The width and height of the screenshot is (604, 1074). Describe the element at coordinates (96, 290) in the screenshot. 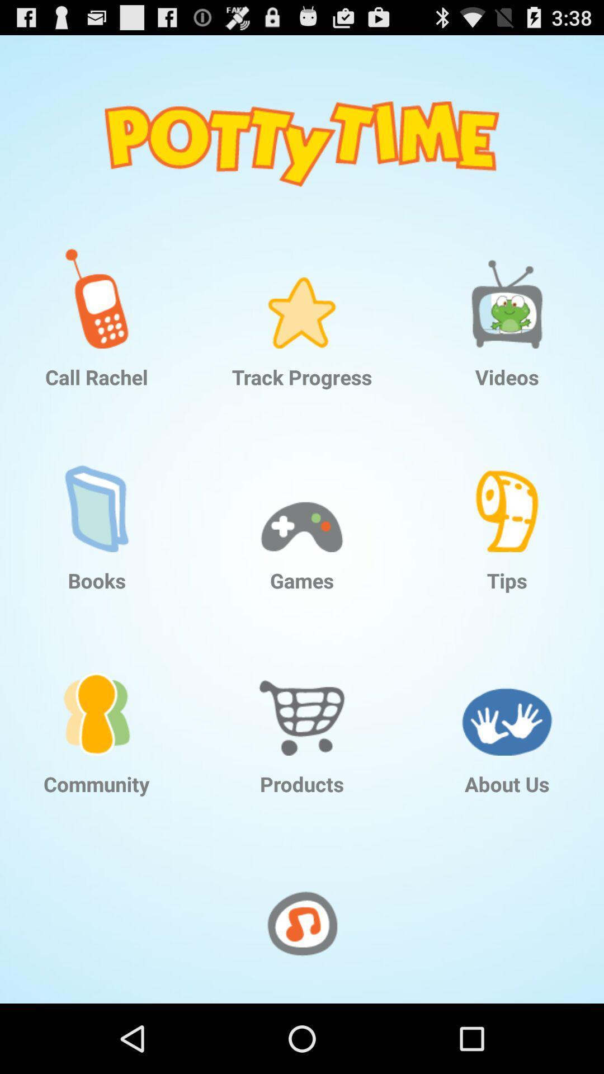

I see `item at the top left corner` at that location.